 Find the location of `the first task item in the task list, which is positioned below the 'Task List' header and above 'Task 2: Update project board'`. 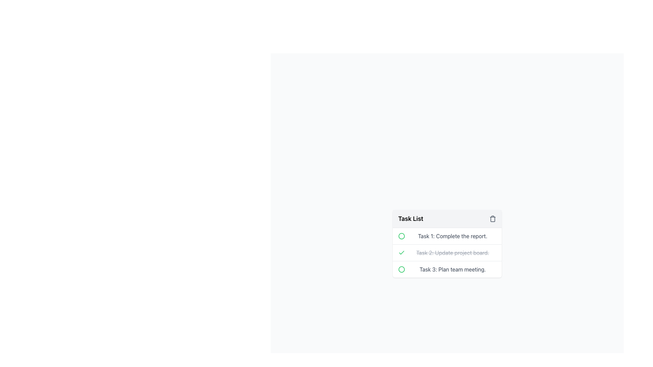

the first task item in the task list, which is positioned below the 'Task List' header and above 'Task 2: Update project board' is located at coordinates (447, 235).